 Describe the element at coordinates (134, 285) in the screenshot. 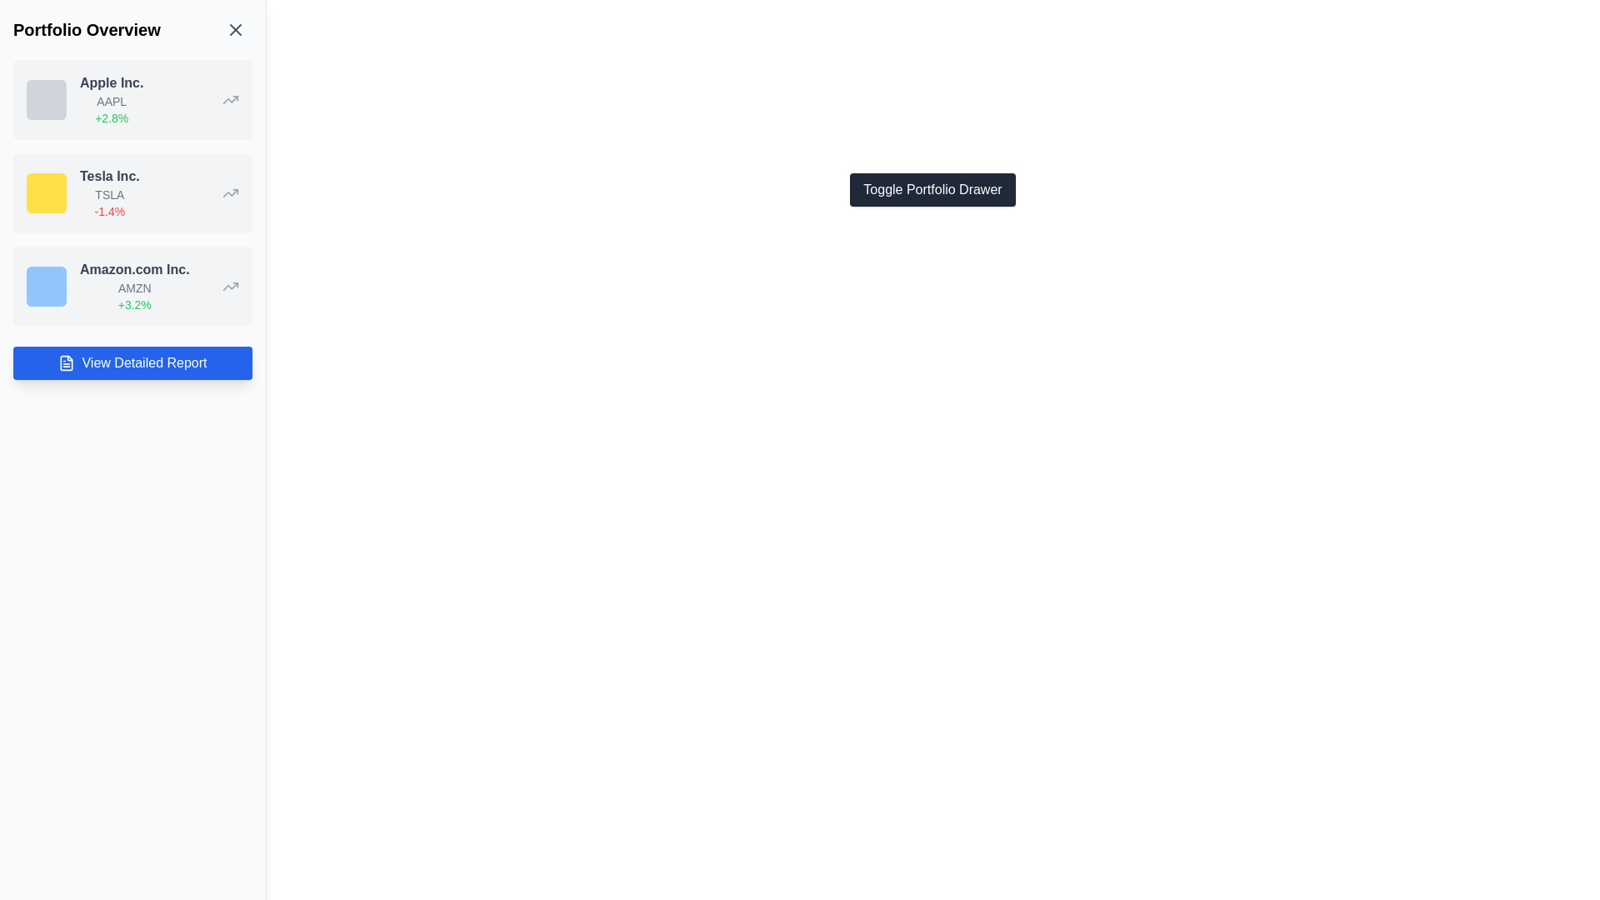

I see `the text block displaying information about Amazon.com Inc. stock, which includes its ticker symbol AMZN and a percentage change of +3.2%, located in the third item of the 'Portfolio Overview' panel in the left sidebar` at that location.